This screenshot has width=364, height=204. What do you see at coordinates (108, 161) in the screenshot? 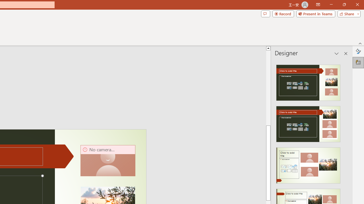
I see `'Camera 7, No camera detected.'` at bounding box center [108, 161].